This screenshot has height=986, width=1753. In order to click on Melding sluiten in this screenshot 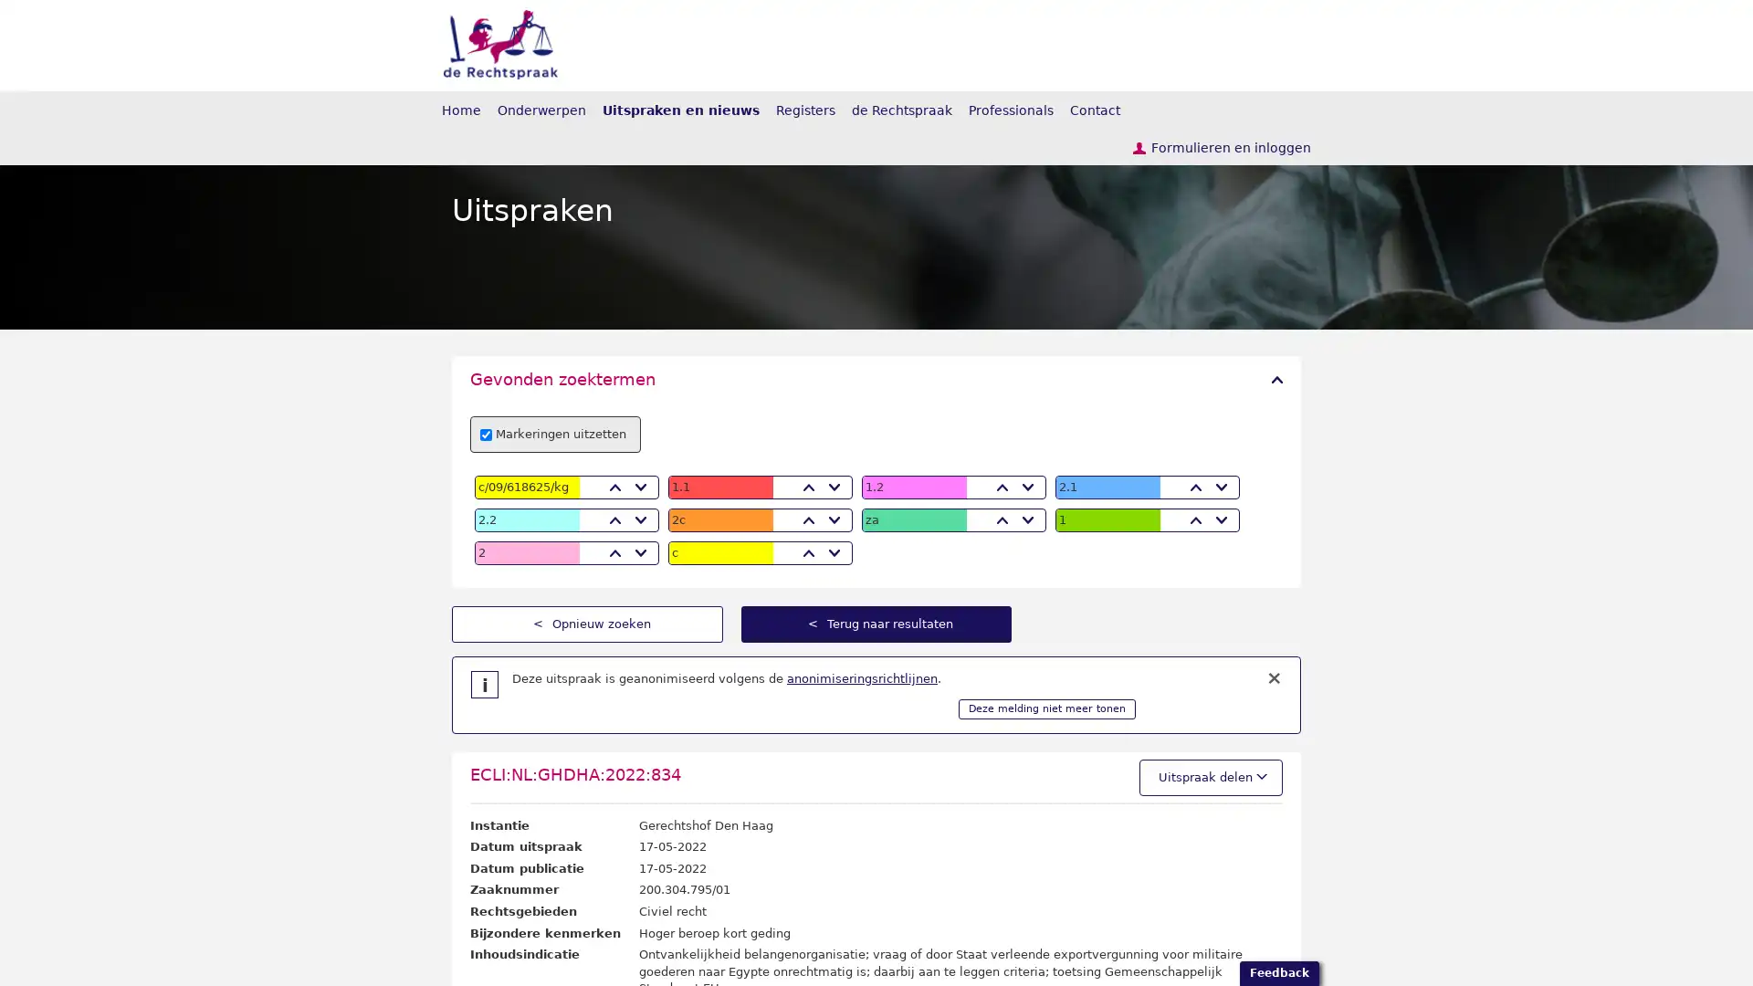, I will do `click(1274, 677)`.